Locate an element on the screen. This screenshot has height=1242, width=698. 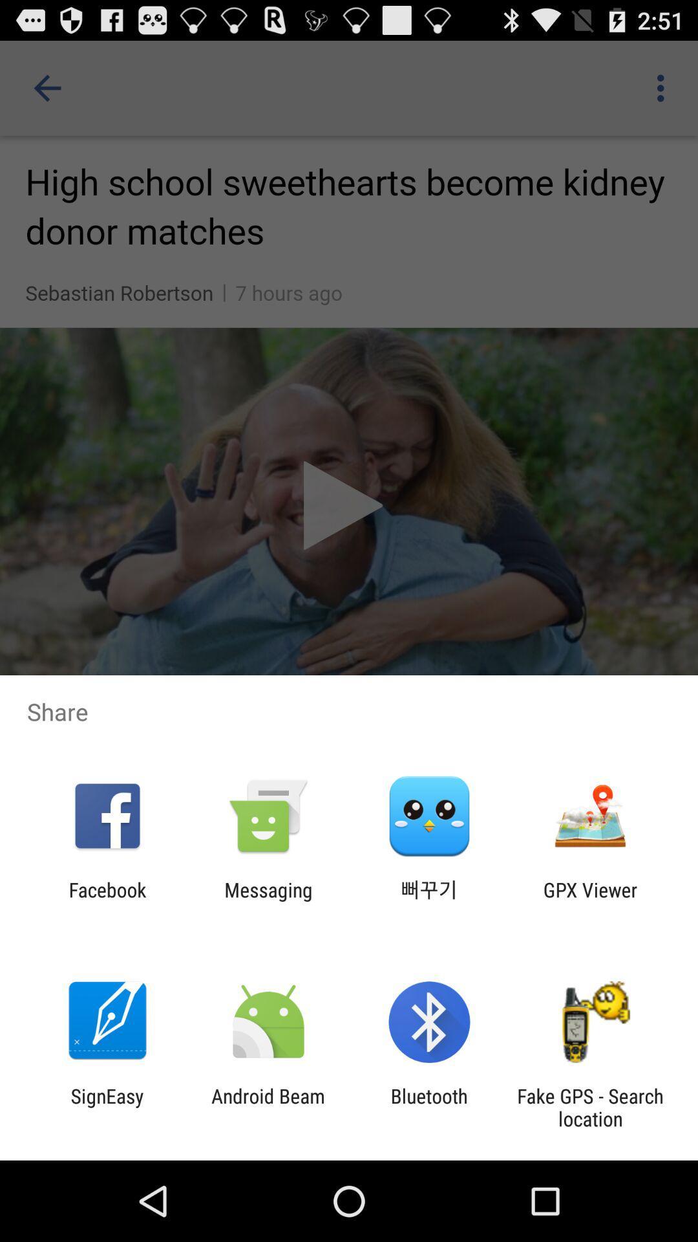
the item to the right of the signeasy app is located at coordinates (268, 1107).